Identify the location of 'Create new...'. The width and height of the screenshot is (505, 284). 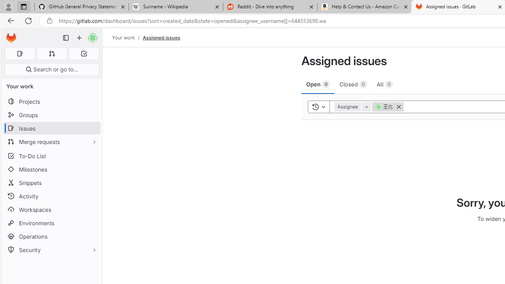
(79, 38).